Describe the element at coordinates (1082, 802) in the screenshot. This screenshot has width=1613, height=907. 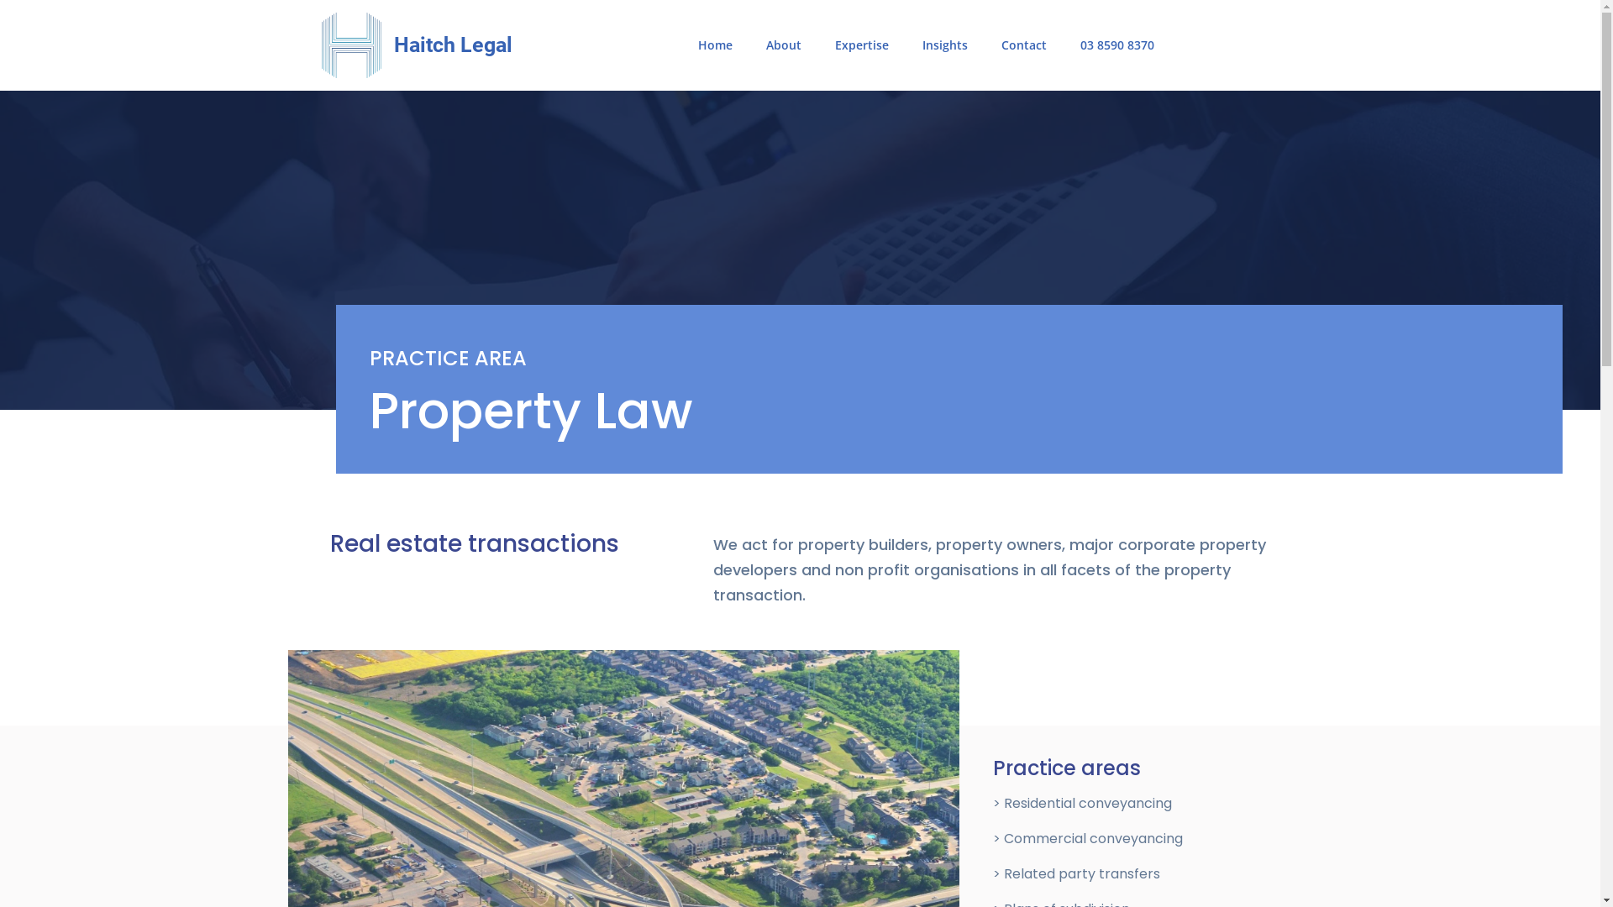
I see `'> Residential conveyancing'` at that location.